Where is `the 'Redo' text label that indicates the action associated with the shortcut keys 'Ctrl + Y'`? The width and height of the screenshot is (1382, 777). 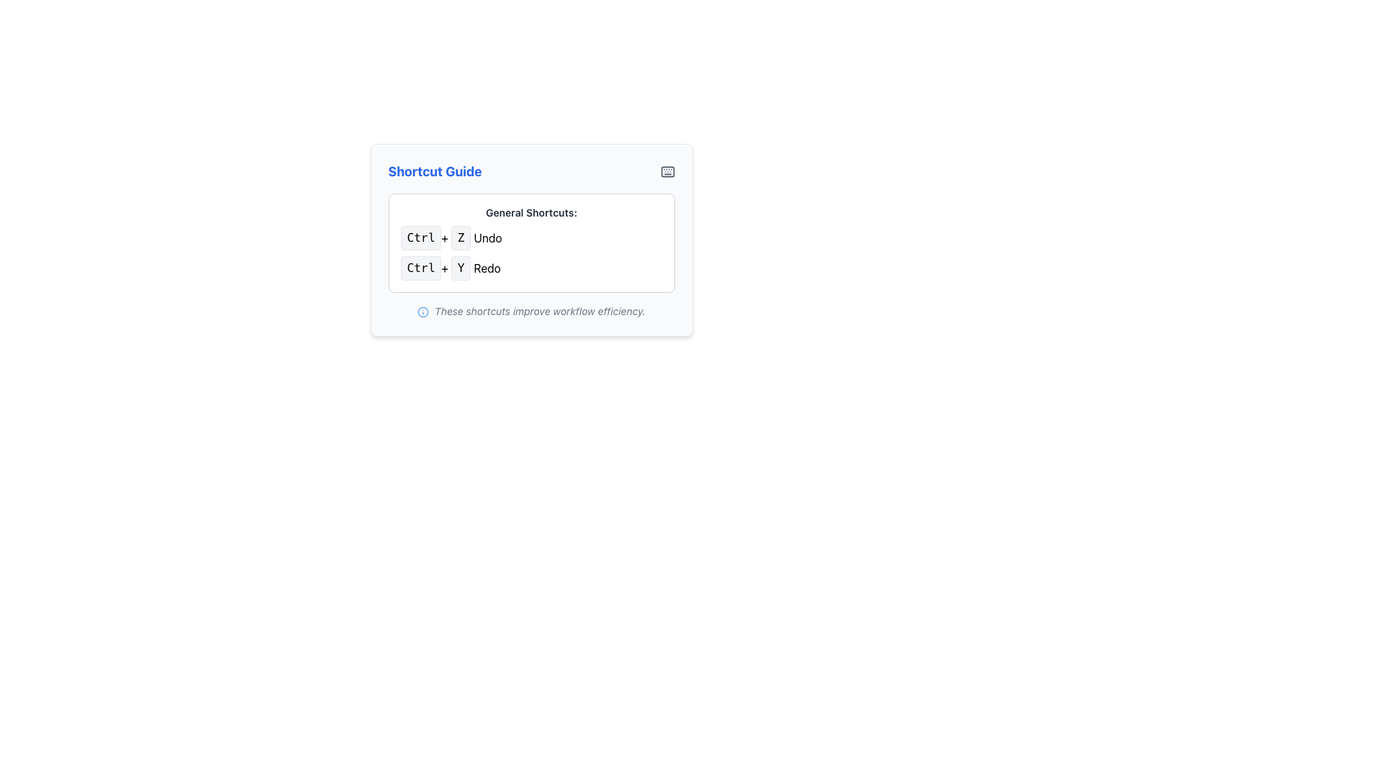 the 'Redo' text label that indicates the action associated with the shortcut keys 'Ctrl + Y' is located at coordinates (487, 268).